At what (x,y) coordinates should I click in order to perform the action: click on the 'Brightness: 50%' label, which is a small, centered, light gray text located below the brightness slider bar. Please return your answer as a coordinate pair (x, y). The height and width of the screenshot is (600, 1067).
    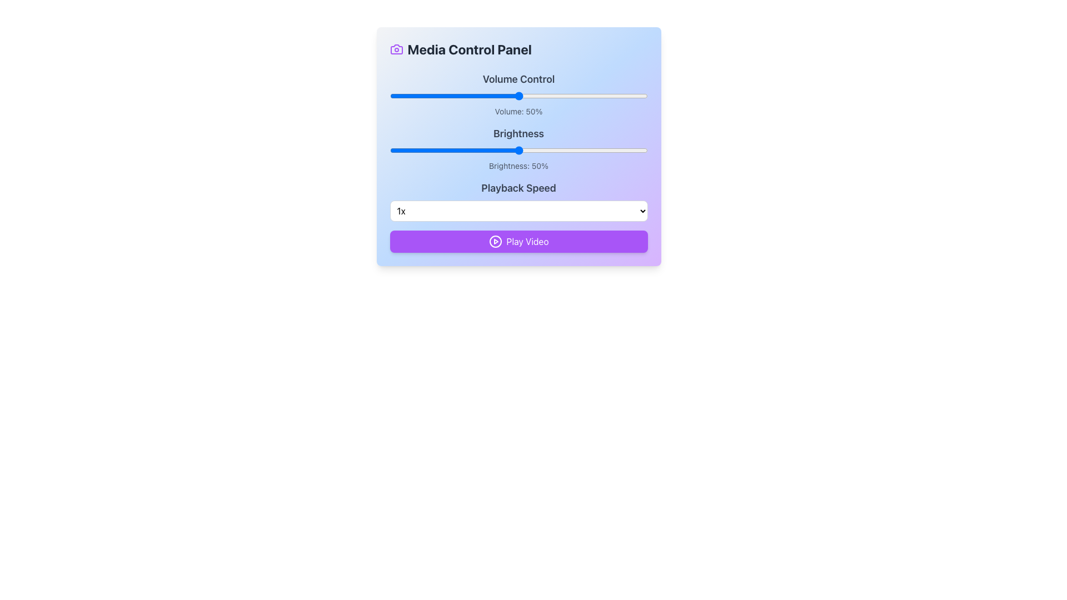
    Looking at the image, I should click on (518, 166).